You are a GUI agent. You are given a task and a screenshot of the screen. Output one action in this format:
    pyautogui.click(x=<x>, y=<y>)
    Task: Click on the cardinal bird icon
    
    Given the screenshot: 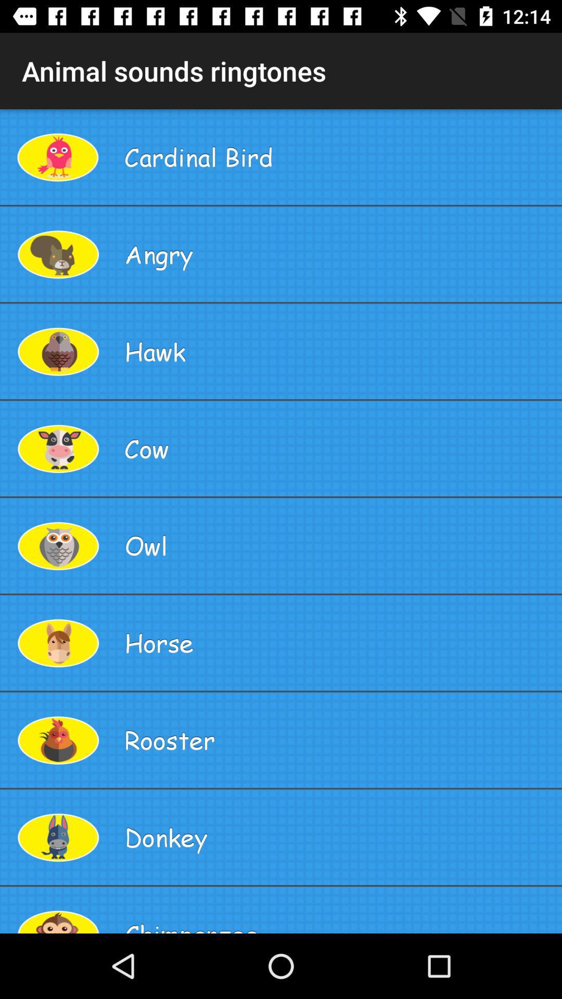 What is the action you would take?
    pyautogui.click(x=339, y=156)
    